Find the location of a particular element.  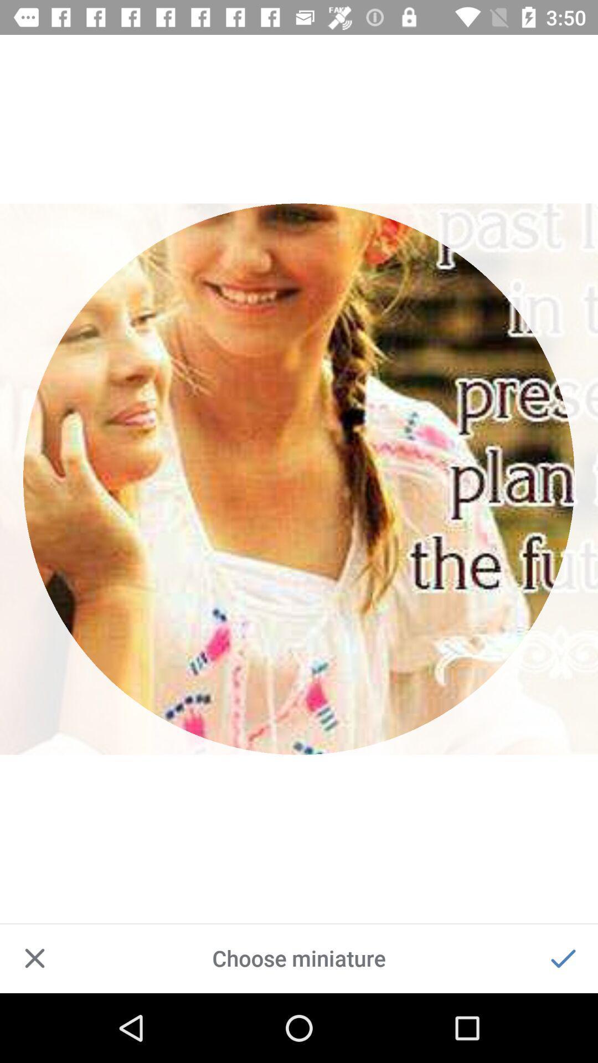

close is located at coordinates (34, 958).